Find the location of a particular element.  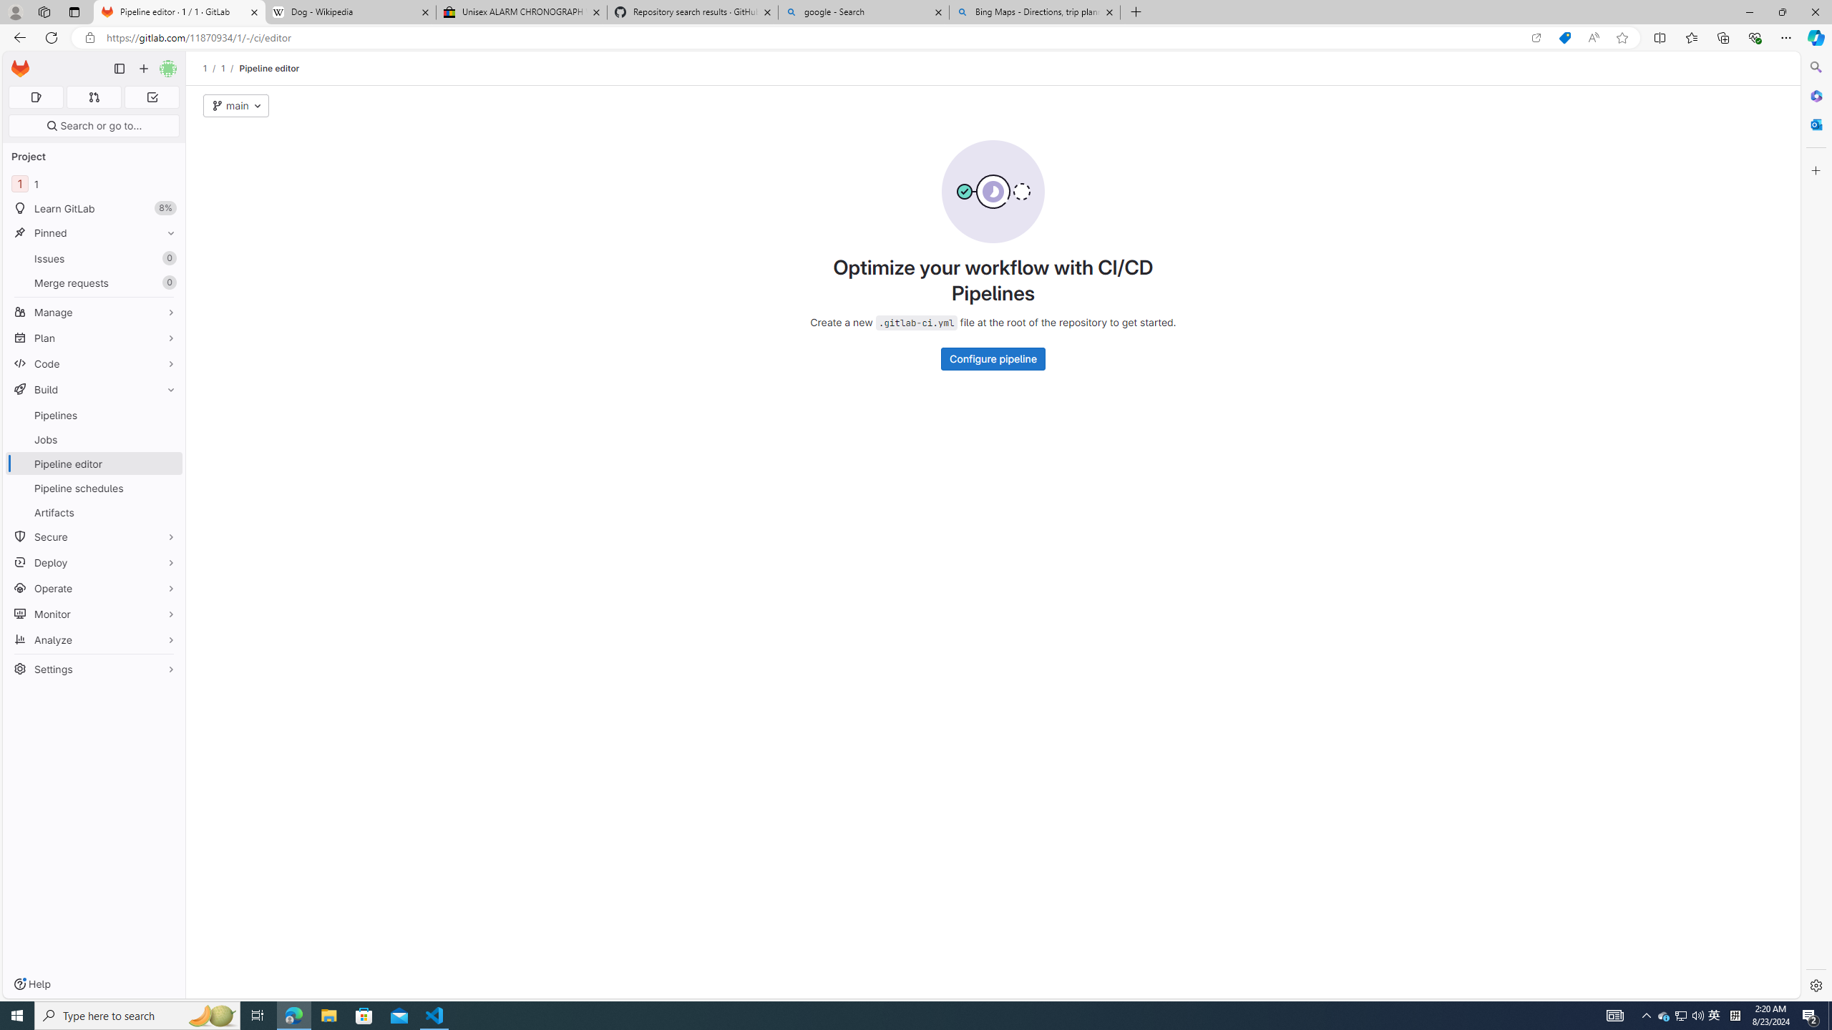

'main' is located at coordinates (236, 106).